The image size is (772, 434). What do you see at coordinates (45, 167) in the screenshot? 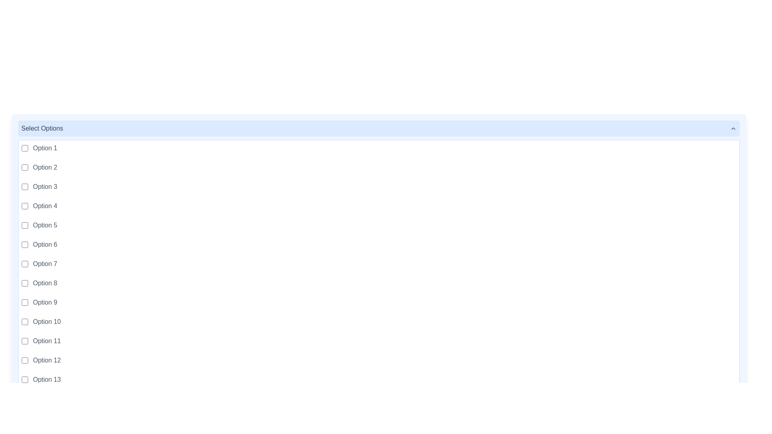
I see `the 'Option 2' label element, which is styled in gray and located to the right of its associated checkbox in the second row of a vertically stacked list of options` at bounding box center [45, 167].